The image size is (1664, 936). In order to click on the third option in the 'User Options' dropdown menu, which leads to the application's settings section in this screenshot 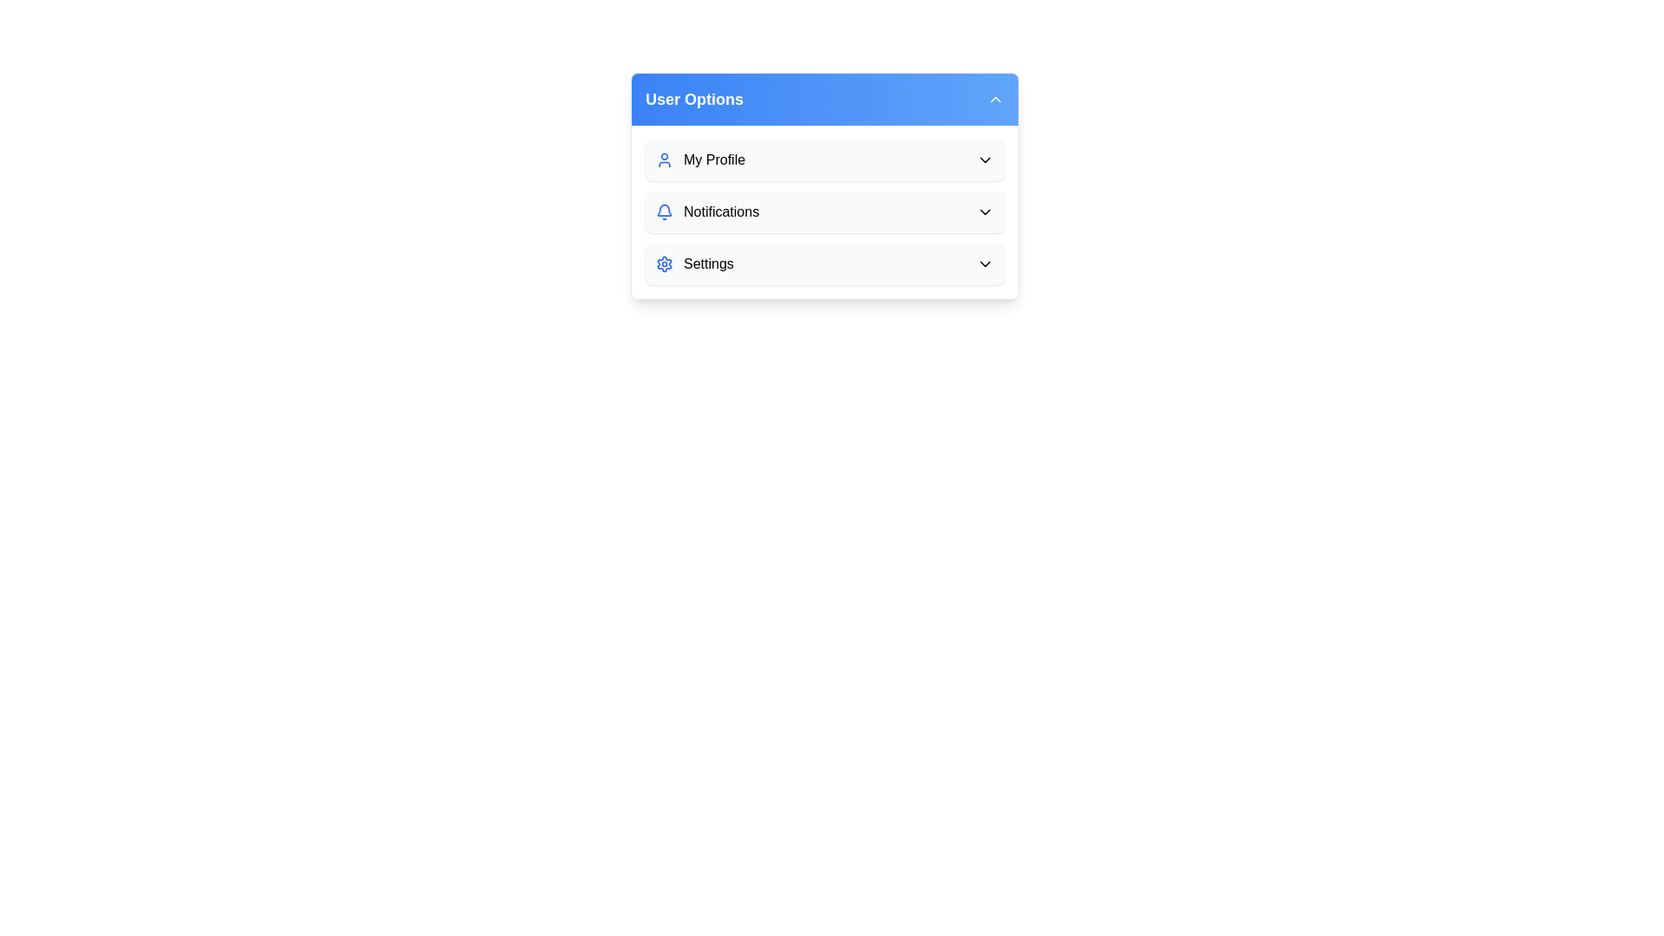, I will do `click(694, 263)`.